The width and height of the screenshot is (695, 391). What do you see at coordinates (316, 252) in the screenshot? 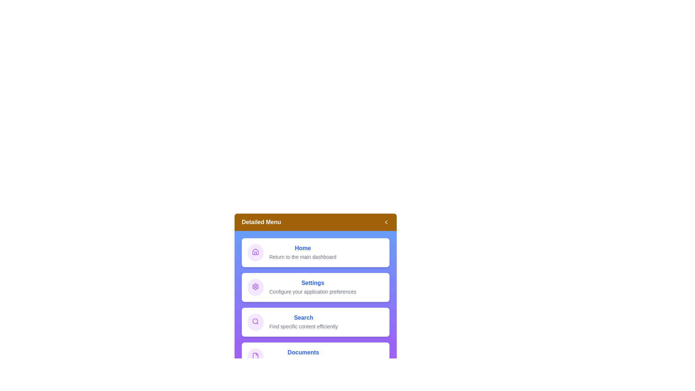
I see `the menu item Home` at bounding box center [316, 252].